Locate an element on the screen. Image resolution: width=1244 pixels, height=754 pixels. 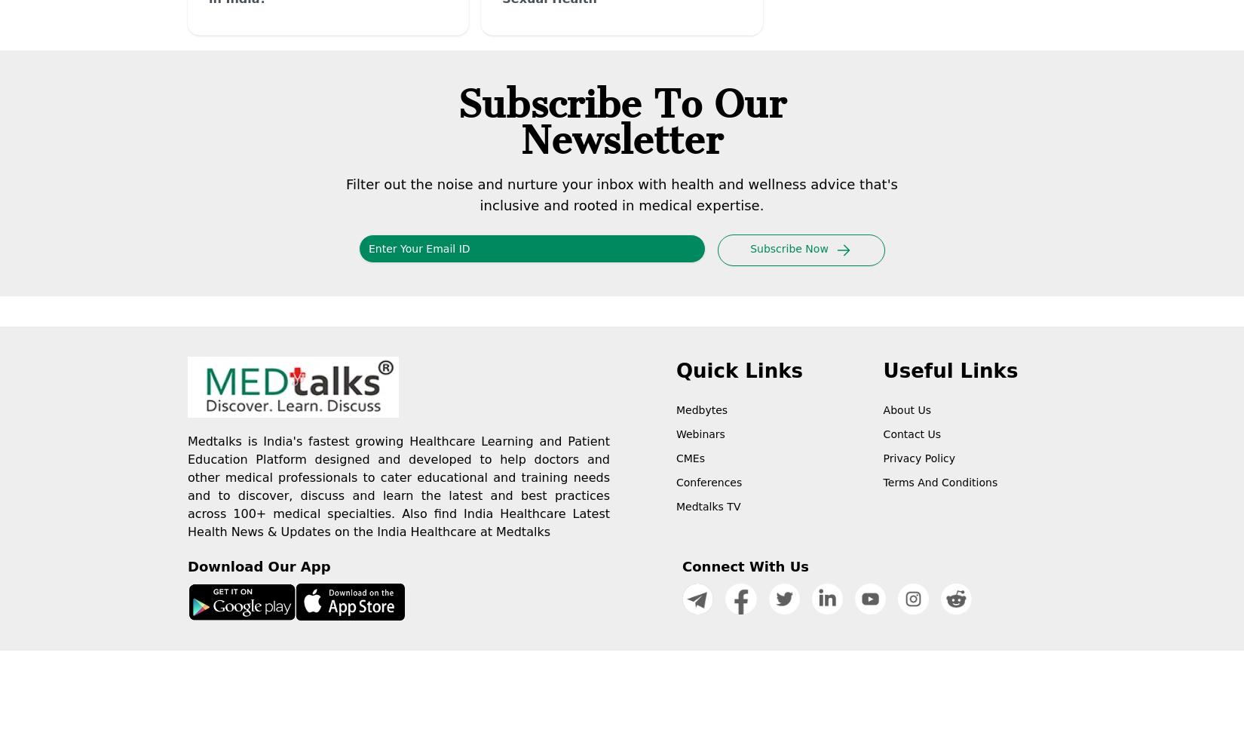
'CMEs' is located at coordinates (675, 457).